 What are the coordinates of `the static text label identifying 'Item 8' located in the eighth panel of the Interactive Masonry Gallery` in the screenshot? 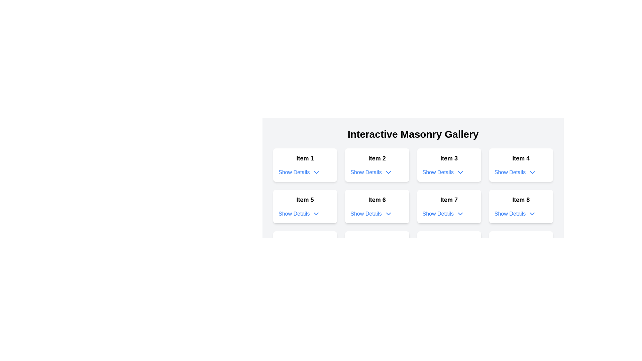 It's located at (521, 199).